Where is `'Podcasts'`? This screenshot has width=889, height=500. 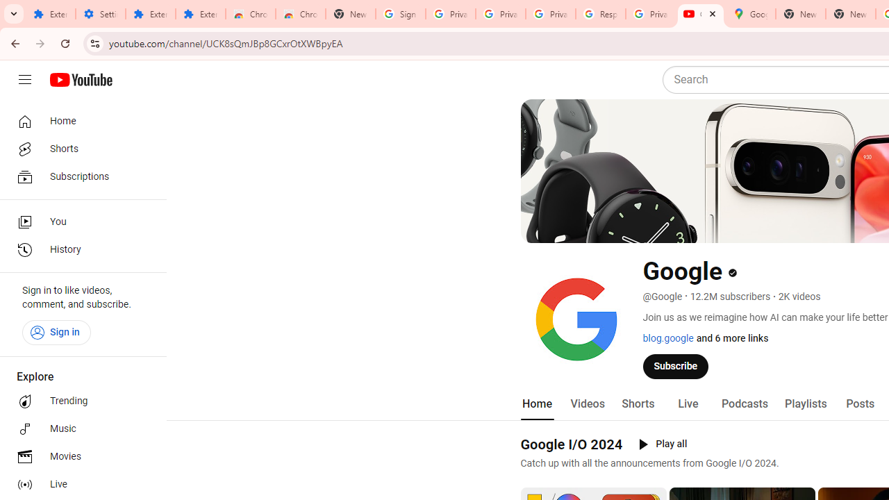
'Podcasts' is located at coordinates (744, 403).